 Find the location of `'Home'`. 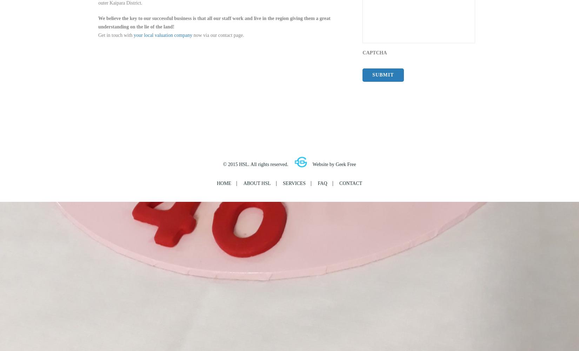

'Home' is located at coordinates (224, 183).